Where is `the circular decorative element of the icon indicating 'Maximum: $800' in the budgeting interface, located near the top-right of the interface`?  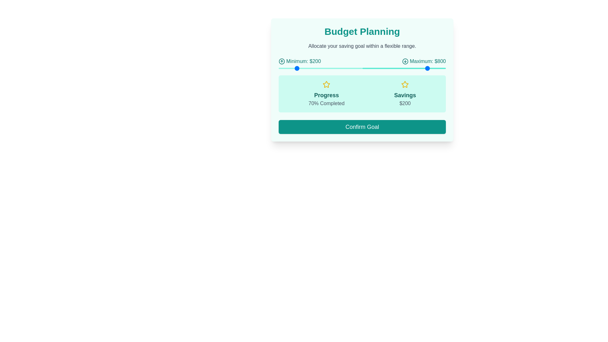
the circular decorative element of the icon indicating 'Maximum: $800' in the budgeting interface, located near the top-right of the interface is located at coordinates (405, 61).